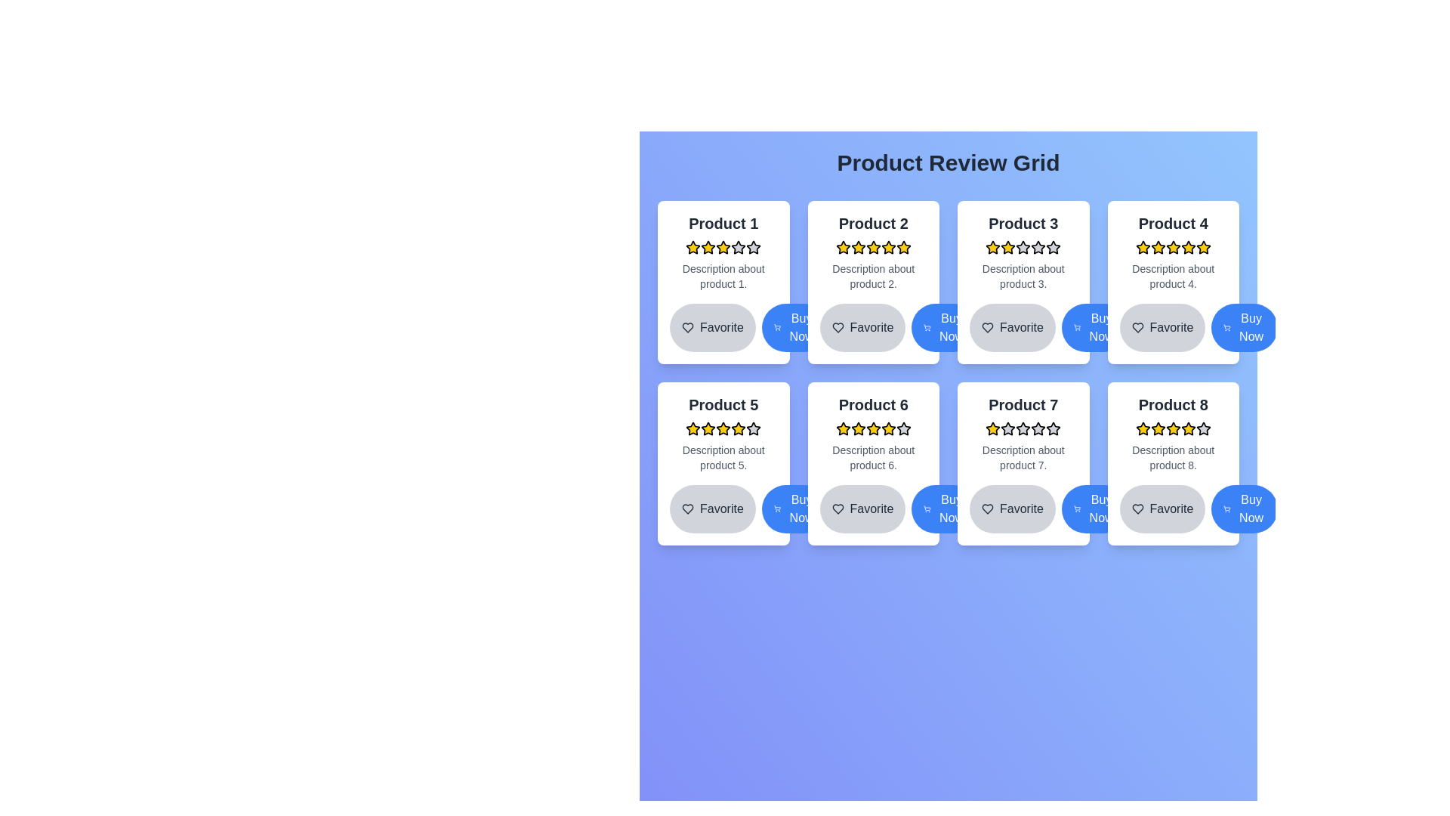 The height and width of the screenshot is (816, 1450). Describe the element at coordinates (1172, 428) in the screenshot. I see `the fifth star icon in the star rating system displayed below 'Product 8' in the bottom-right corner of the grid` at that location.